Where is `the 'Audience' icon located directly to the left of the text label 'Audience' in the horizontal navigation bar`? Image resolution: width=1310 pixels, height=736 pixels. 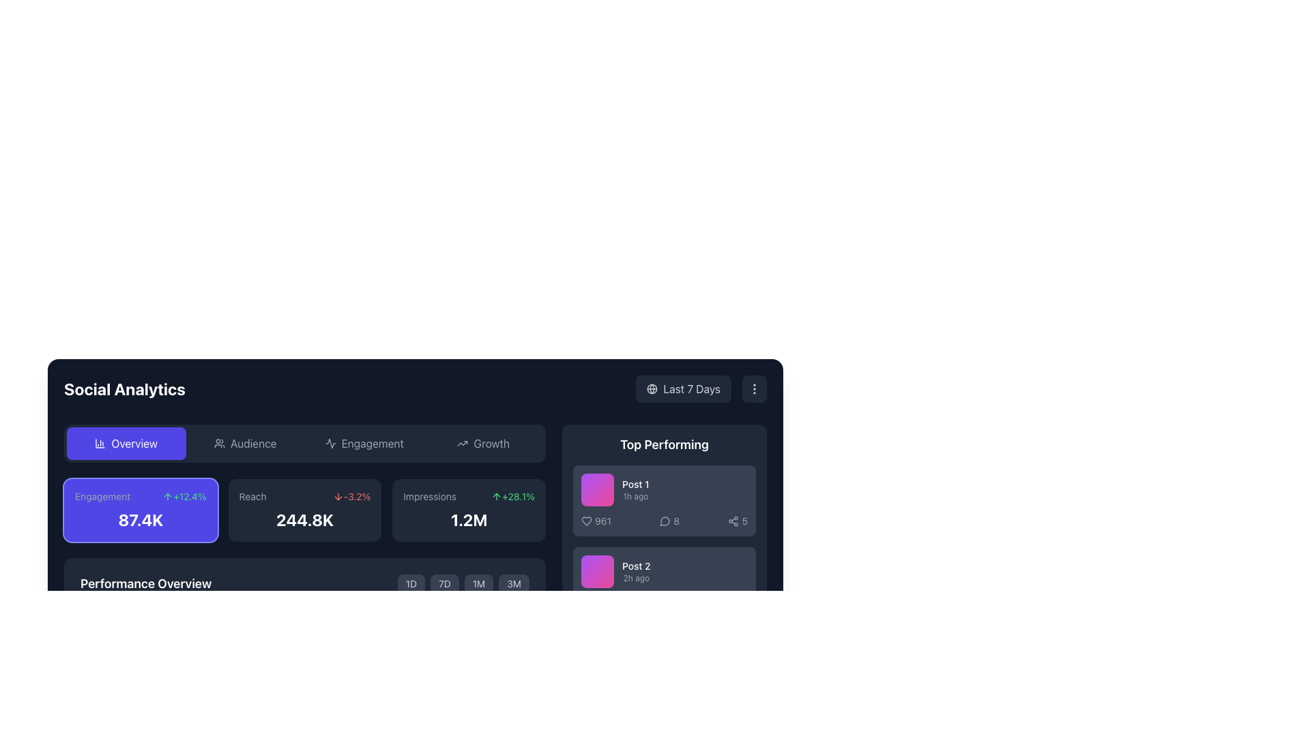 the 'Audience' icon located directly to the left of the text label 'Audience' in the horizontal navigation bar is located at coordinates (219, 444).